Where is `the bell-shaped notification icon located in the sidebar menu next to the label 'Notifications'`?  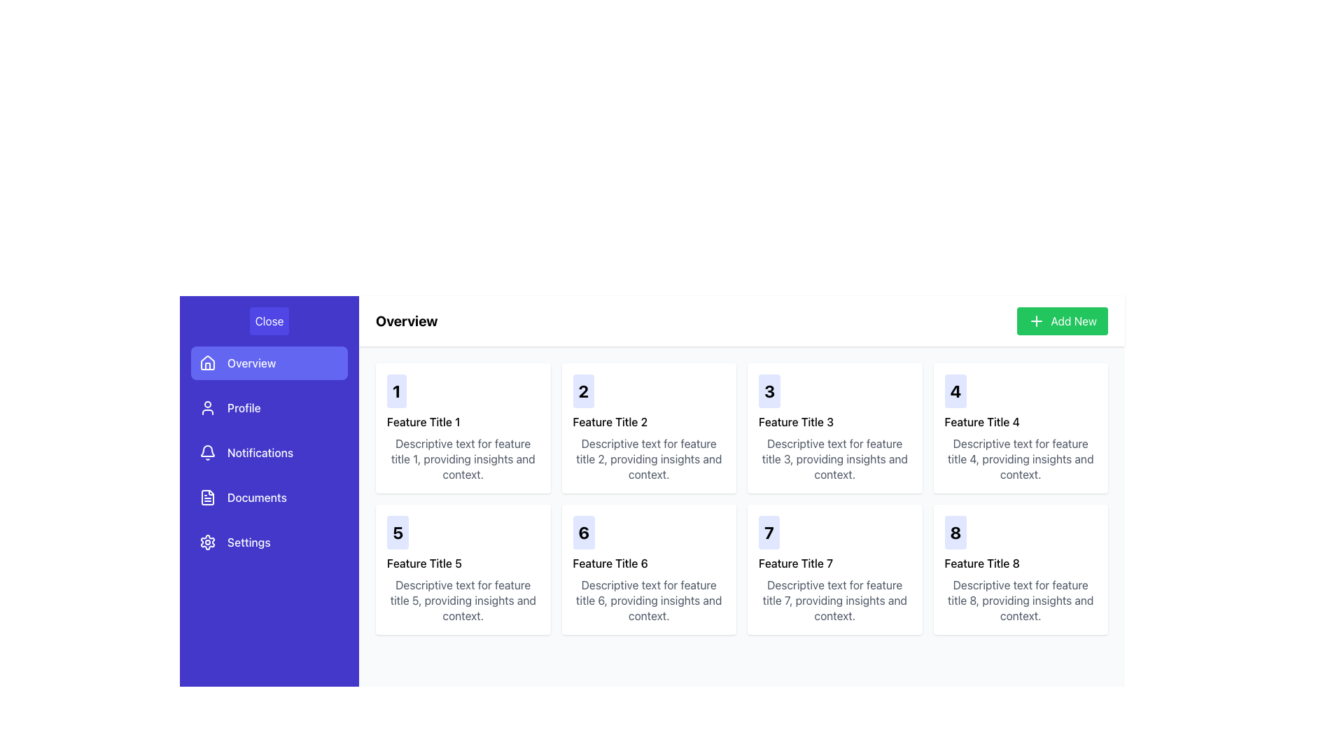 the bell-shaped notification icon located in the sidebar menu next to the label 'Notifications' is located at coordinates (207, 451).